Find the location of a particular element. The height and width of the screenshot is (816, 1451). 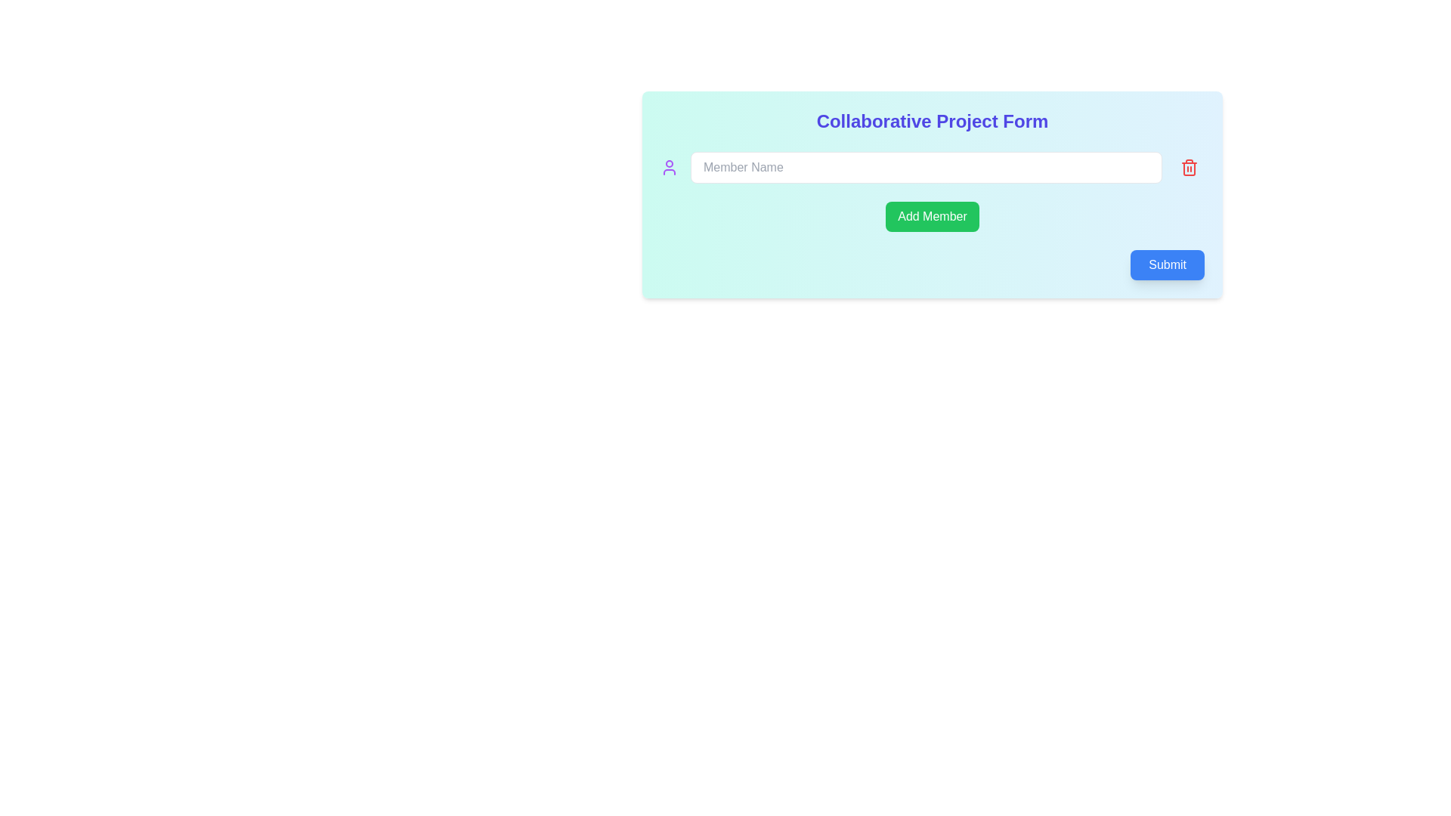

the 'Submit' button is located at coordinates (1167, 264).